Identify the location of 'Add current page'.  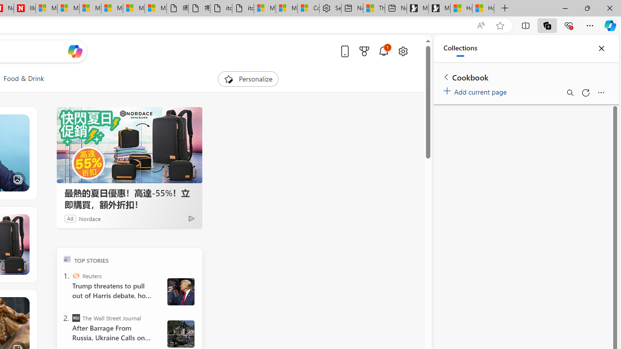
(477, 90).